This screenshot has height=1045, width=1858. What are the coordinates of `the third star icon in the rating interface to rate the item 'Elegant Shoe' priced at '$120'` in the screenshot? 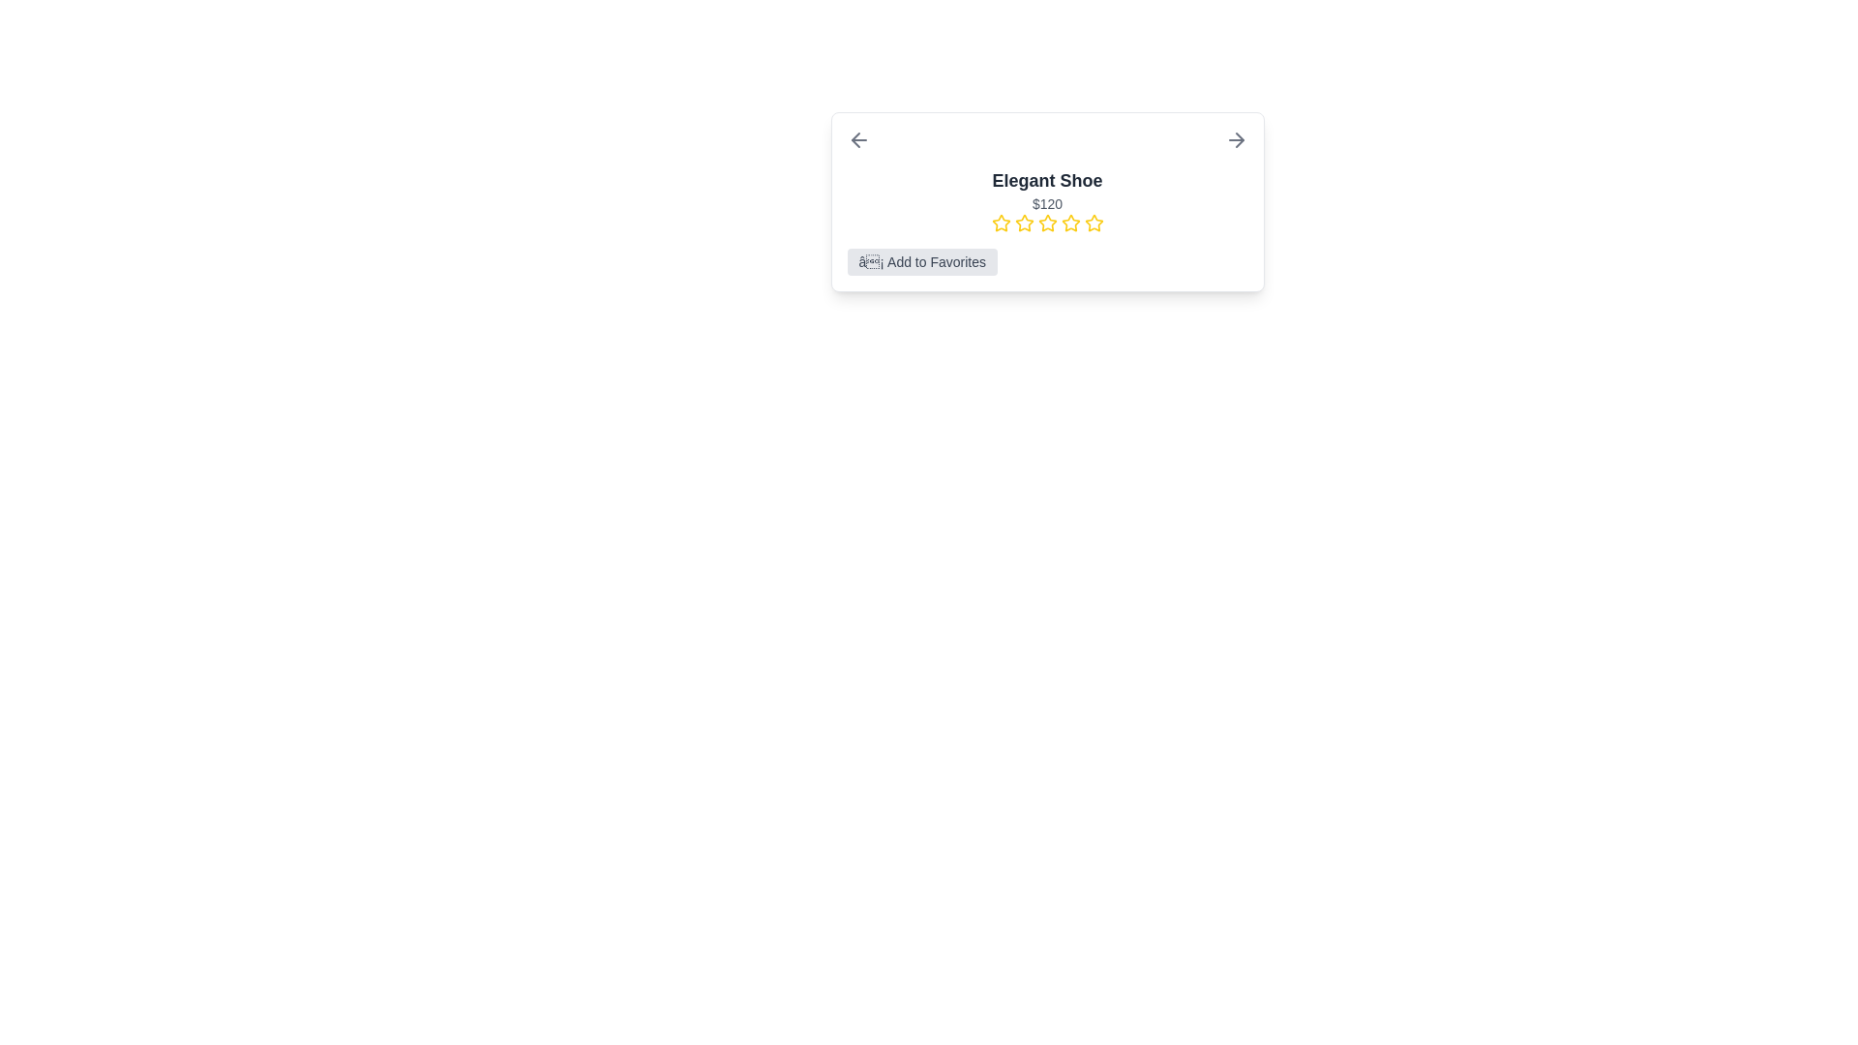 It's located at (1046, 222).